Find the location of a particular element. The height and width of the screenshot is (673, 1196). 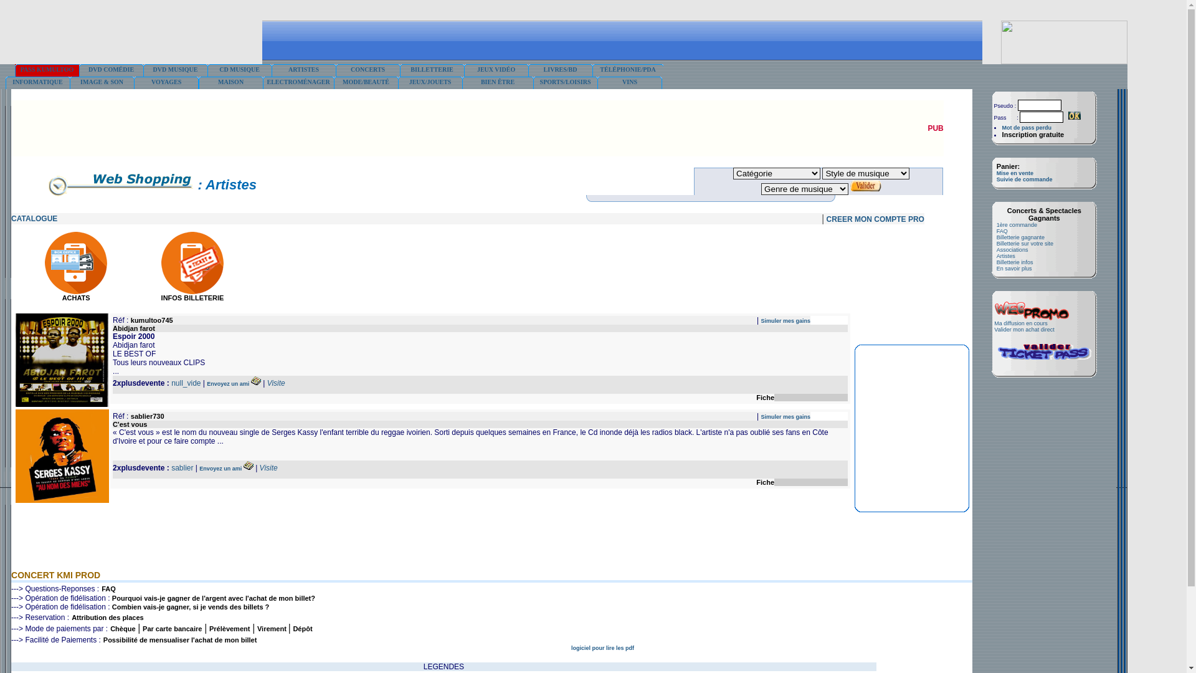

'Simuler mes gains' is located at coordinates (785, 320).